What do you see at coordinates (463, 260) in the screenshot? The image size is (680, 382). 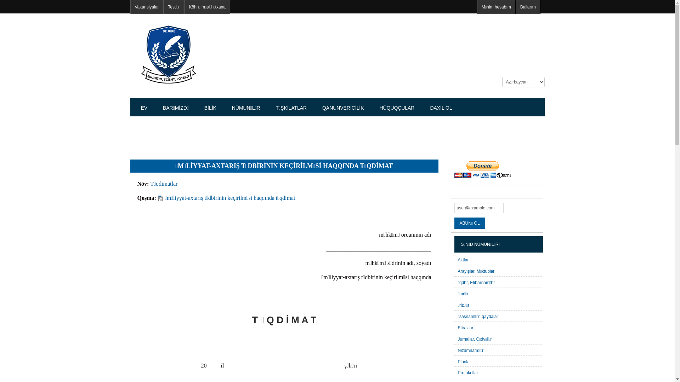 I see `'Aktlar'` at bounding box center [463, 260].